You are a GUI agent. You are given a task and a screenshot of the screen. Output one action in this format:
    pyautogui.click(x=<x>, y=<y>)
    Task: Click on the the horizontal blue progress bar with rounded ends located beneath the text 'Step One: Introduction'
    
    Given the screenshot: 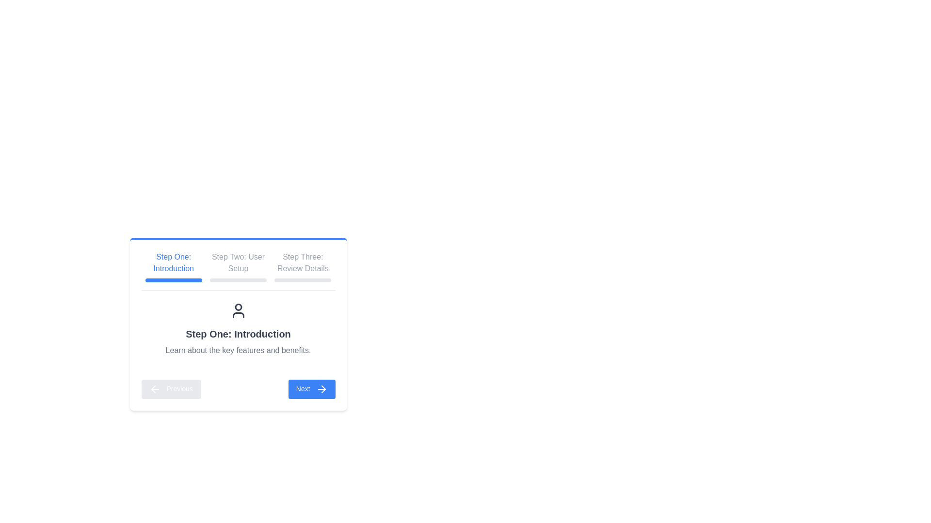 What is the action you would take?
    pyautogui.click(x=174, y=280)
    